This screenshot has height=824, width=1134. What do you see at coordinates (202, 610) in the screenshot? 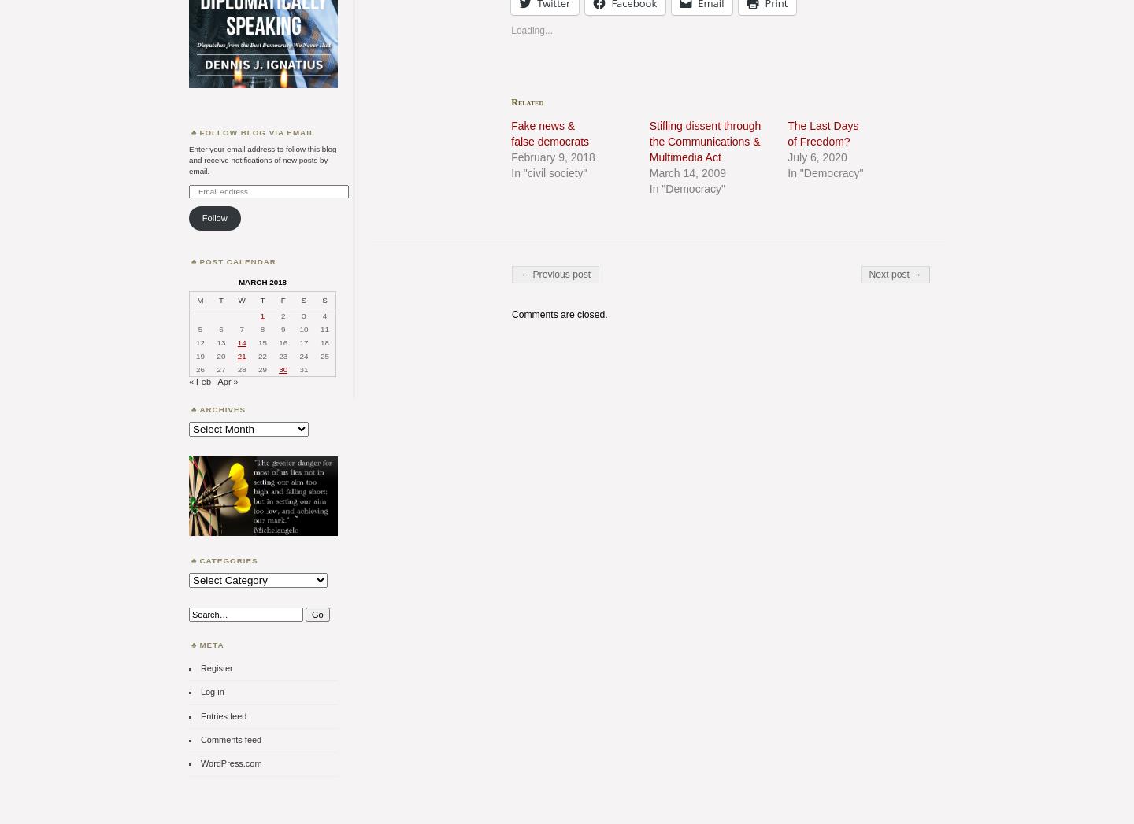
I see `'Search:'` at bounding box center [202, 610].